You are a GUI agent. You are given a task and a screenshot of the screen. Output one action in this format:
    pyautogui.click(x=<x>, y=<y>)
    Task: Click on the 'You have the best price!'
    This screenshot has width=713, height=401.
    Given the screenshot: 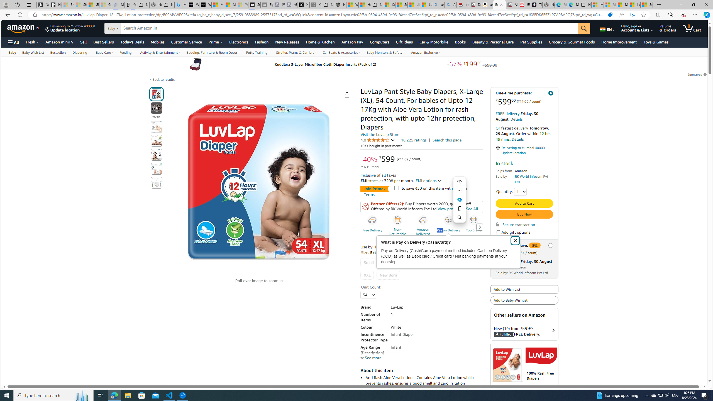 What is the action you would take?
    pyautogui.click(x=610, y=15)
    